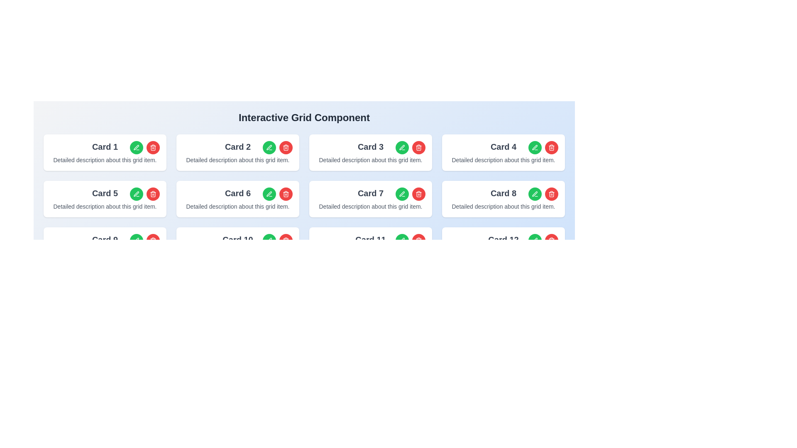 The width and height of the screenshot is (797, 448). What do you see at coordinates (153, 241) in the screenshot?
I see `the delete IconButton located at the bottom-right corner of 'Card 6' in the grid` at bounding box center [153, 241].